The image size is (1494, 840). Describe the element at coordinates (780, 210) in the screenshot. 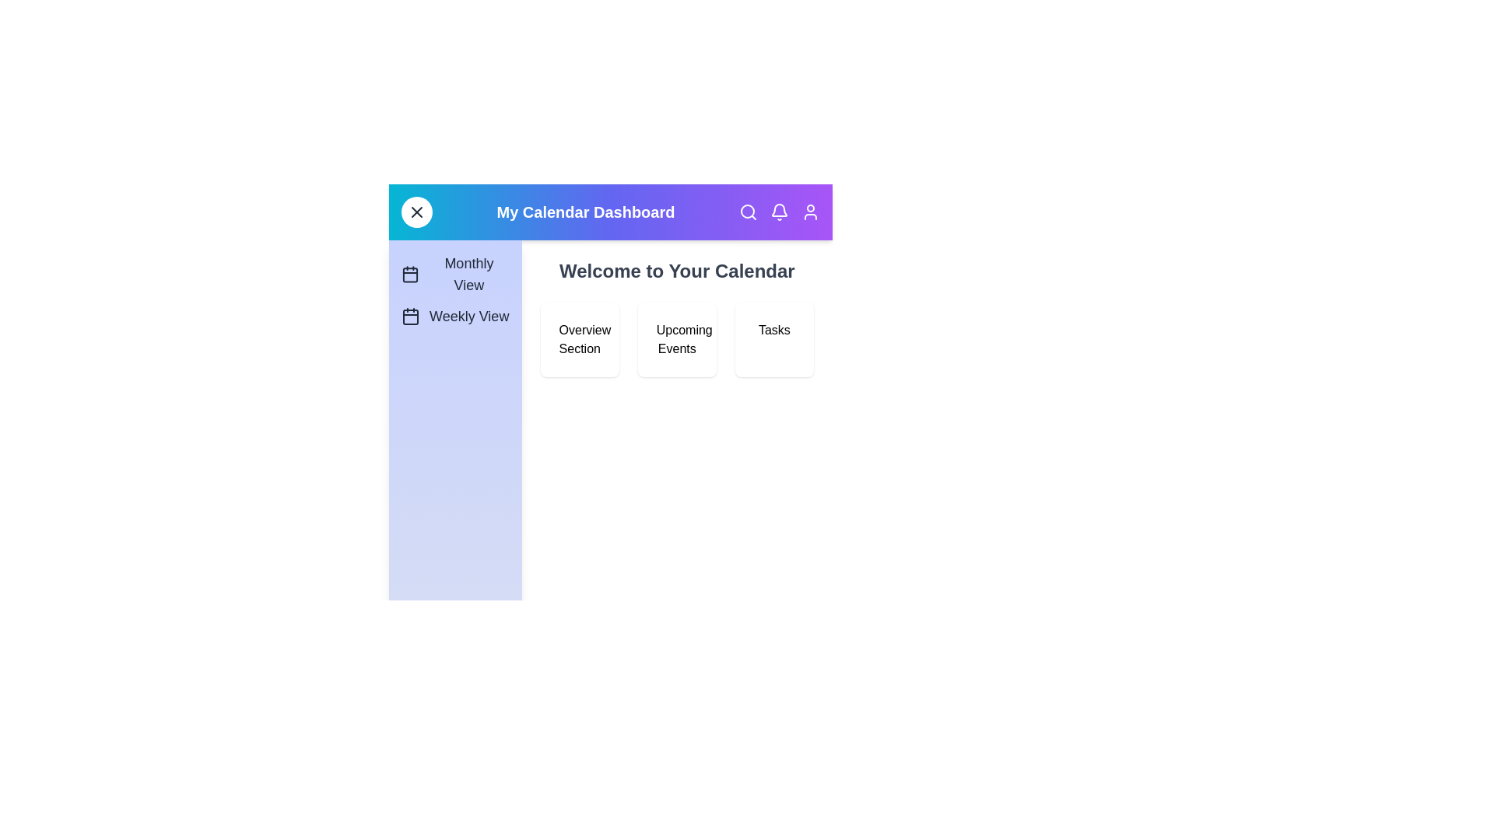

I see `the notification bell icon located at the top-right corner of the interface` at that location.